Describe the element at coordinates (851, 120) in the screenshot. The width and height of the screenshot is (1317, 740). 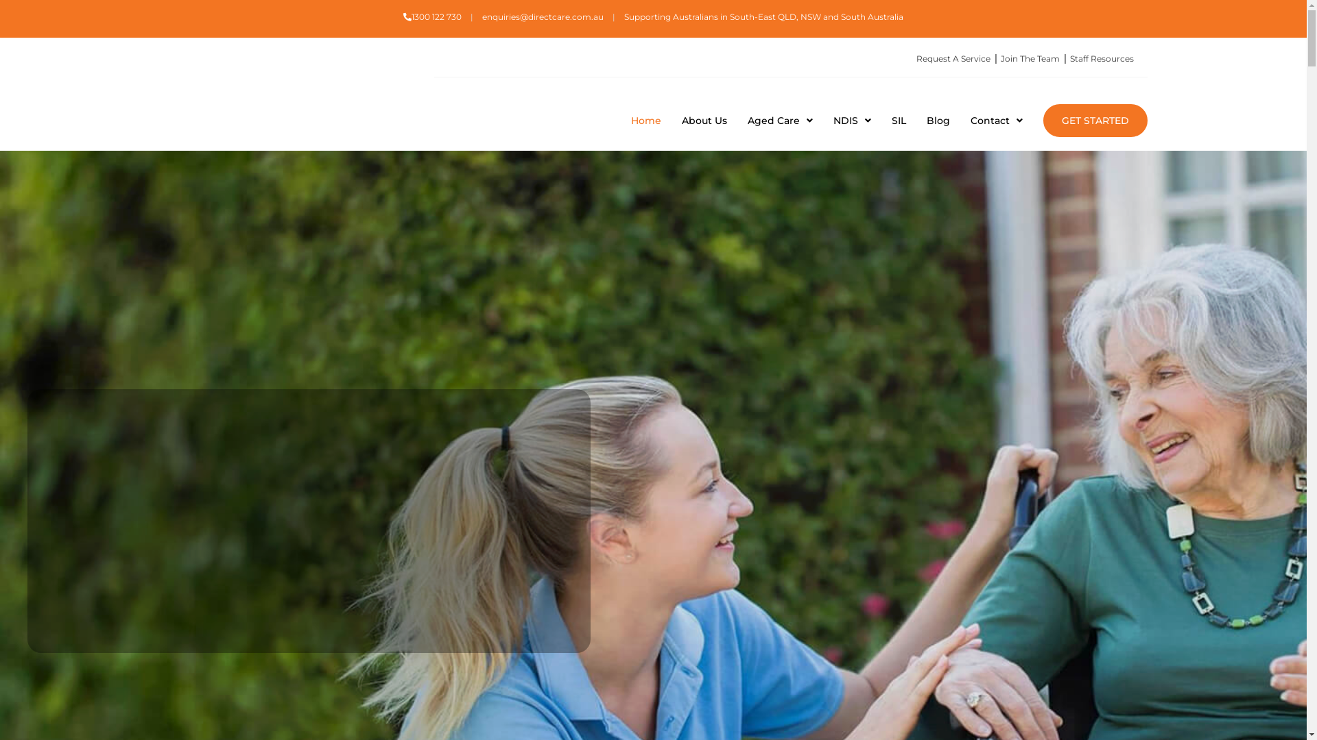
I see `'NDIS'` at that location.